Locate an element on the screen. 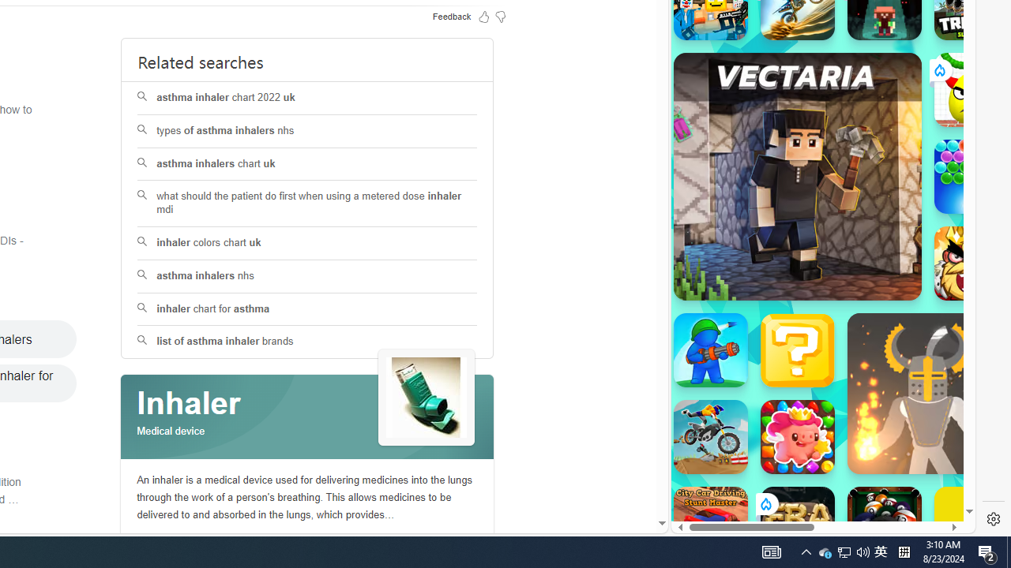 This screenshot has width=1011, height=568. 'Feedback Like' is located at coordinates (483, 16).